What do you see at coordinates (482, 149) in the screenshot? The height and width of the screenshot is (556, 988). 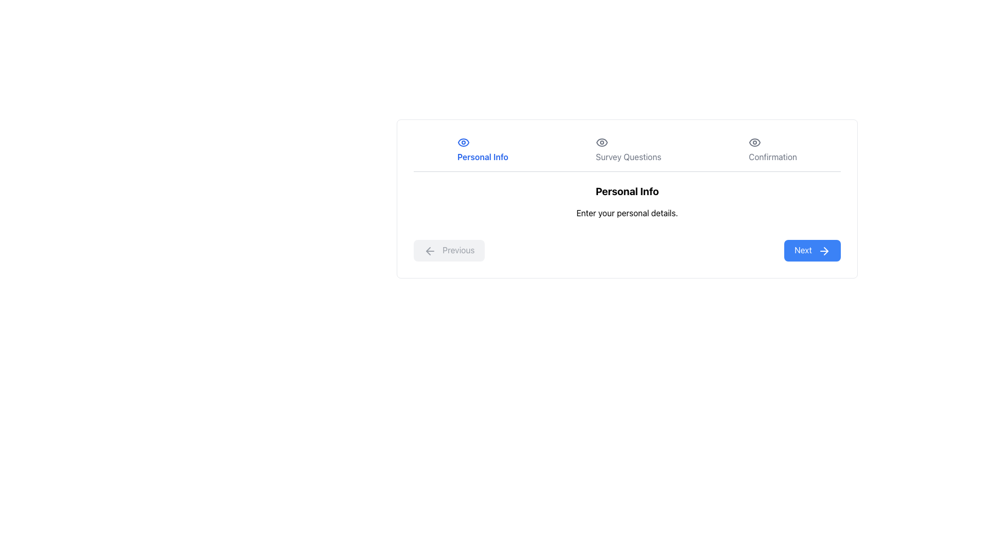 I see `the 'Personal Info' text label which indicates the current active step in the multi-step process` at bounding box center [482, 149].